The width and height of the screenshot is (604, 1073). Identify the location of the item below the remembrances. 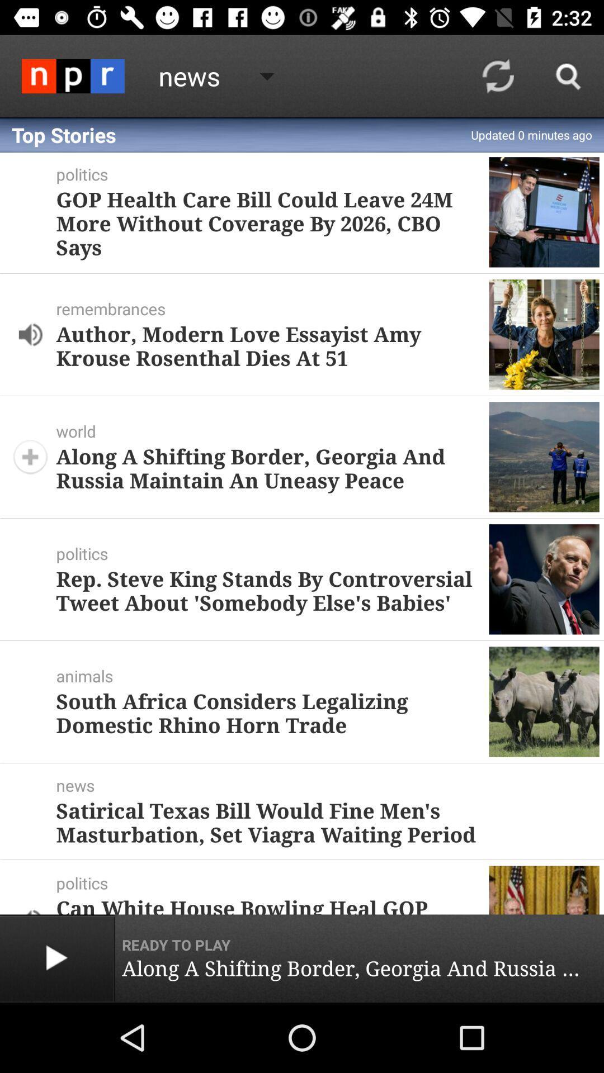
(268, 345).